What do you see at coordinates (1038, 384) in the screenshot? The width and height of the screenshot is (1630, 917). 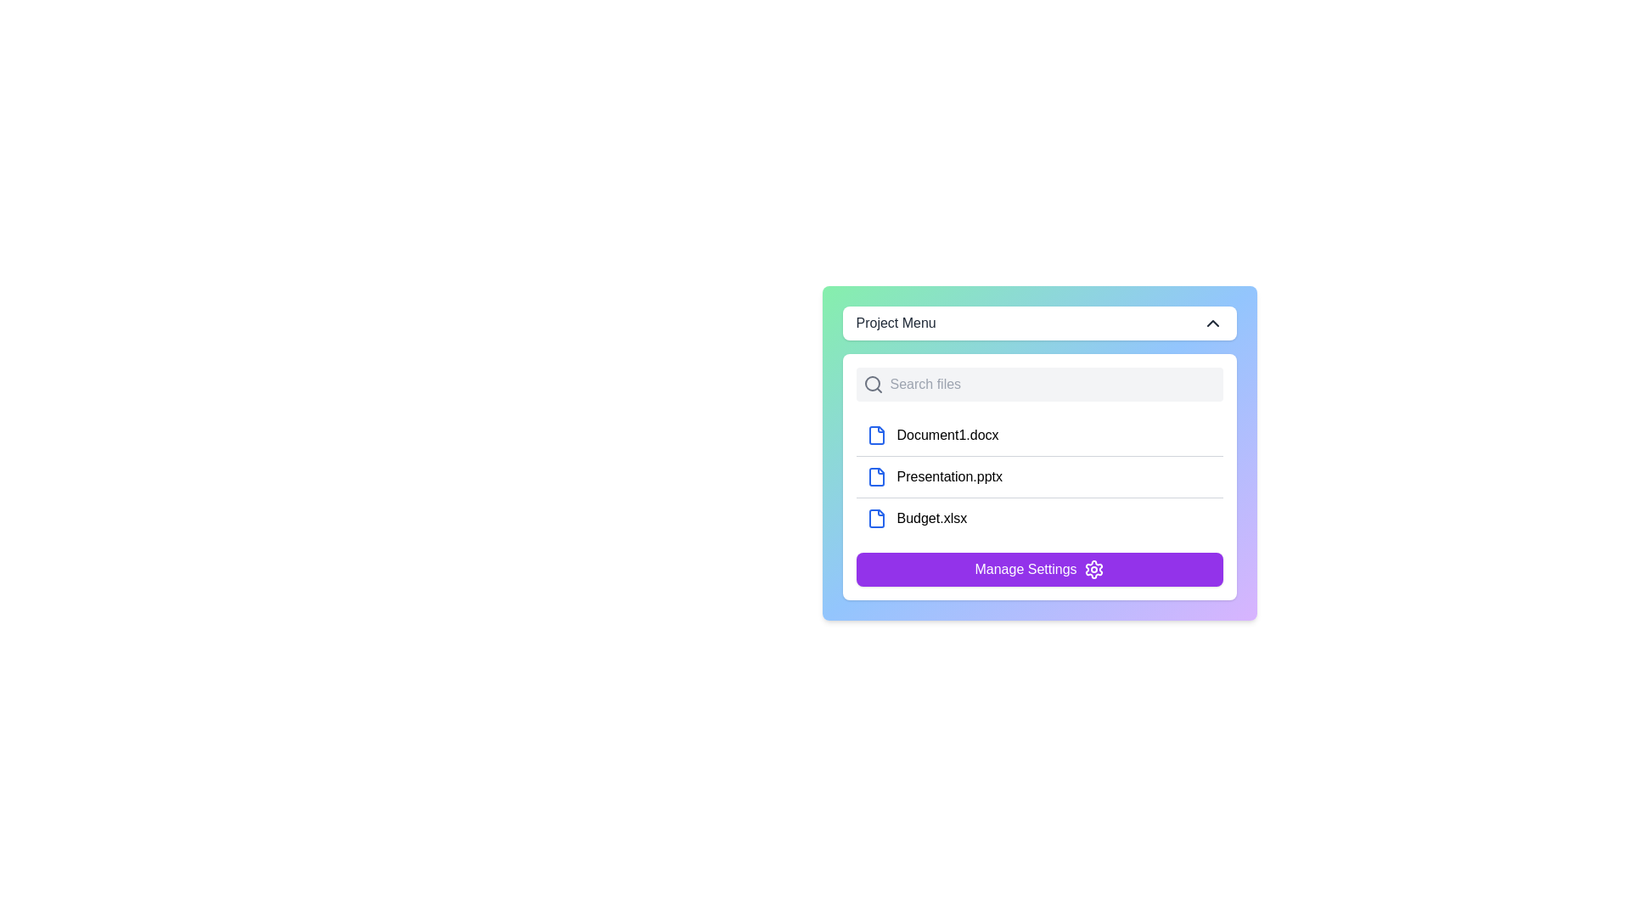 I see `the search input field with the placeholder 'Search files' which has a pale gray background and rounded corners, located at the top of the card-like interface` at bounding box center [1038, 384].